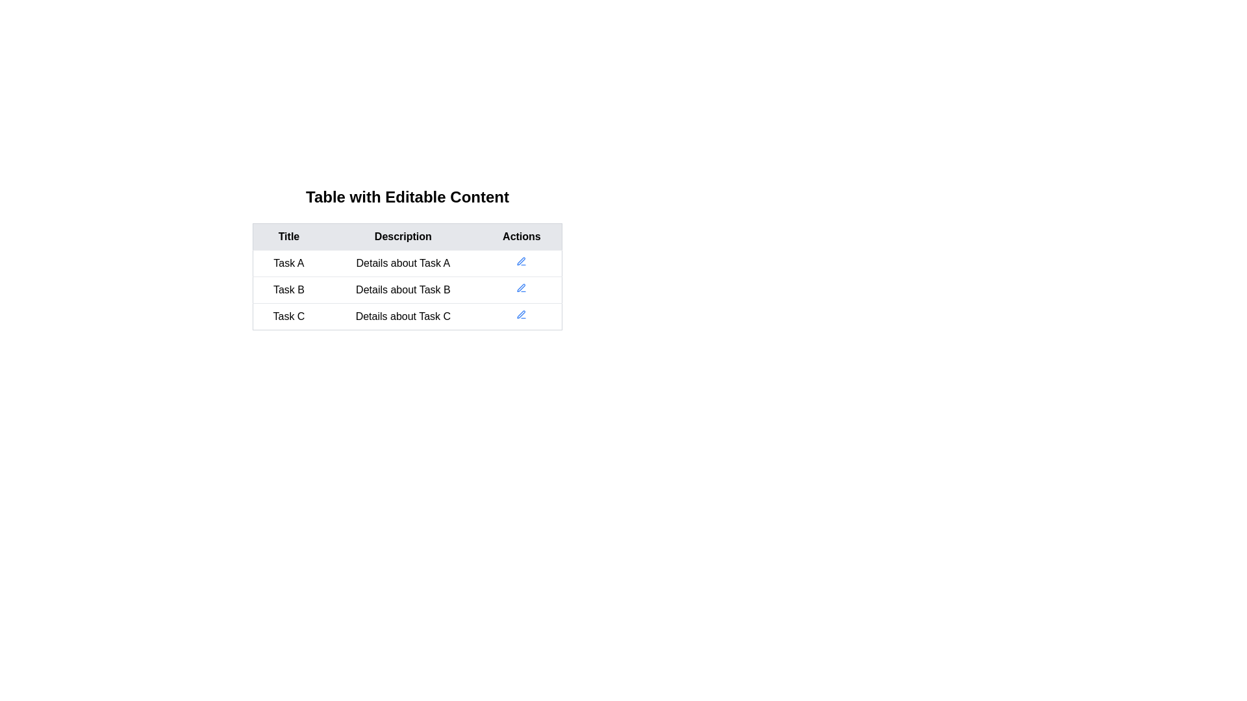  What do you see at coordinates (522, 237) in the screenshot?
I see `the third column header cell of the table, which labels the column containing action-related elements` at bounding box center [522, 237].